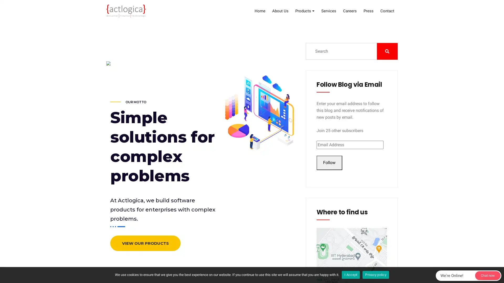 The width and height of the screenshot is (504, 283). What do you see at coordinates (329, 162) in the screenshot?
I see `Follow` at bounding box center [329, 162].